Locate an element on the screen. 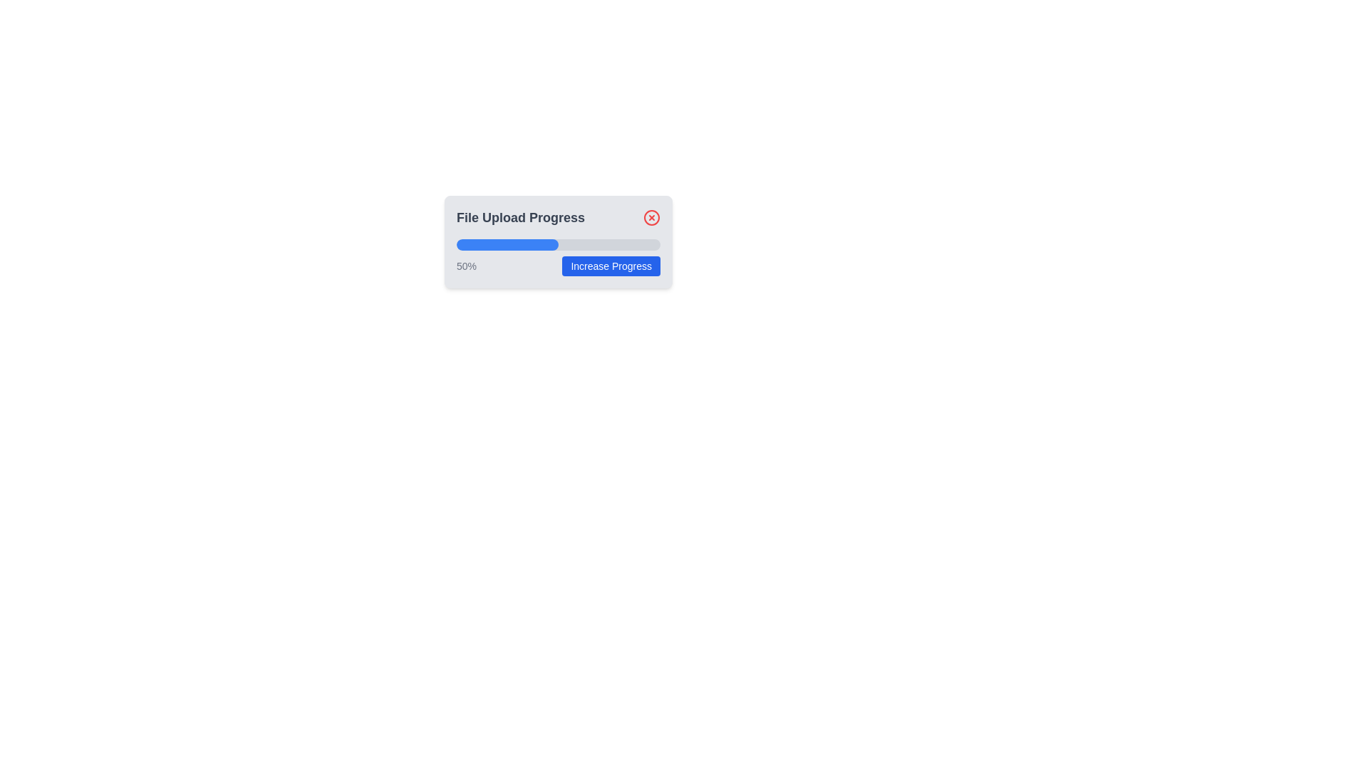 The height and width of the screenshot is (769, 1368). the blue progress bar located under the text 'File Upload Progress' in the middle of the card interface is located at coordinates (507, 244).